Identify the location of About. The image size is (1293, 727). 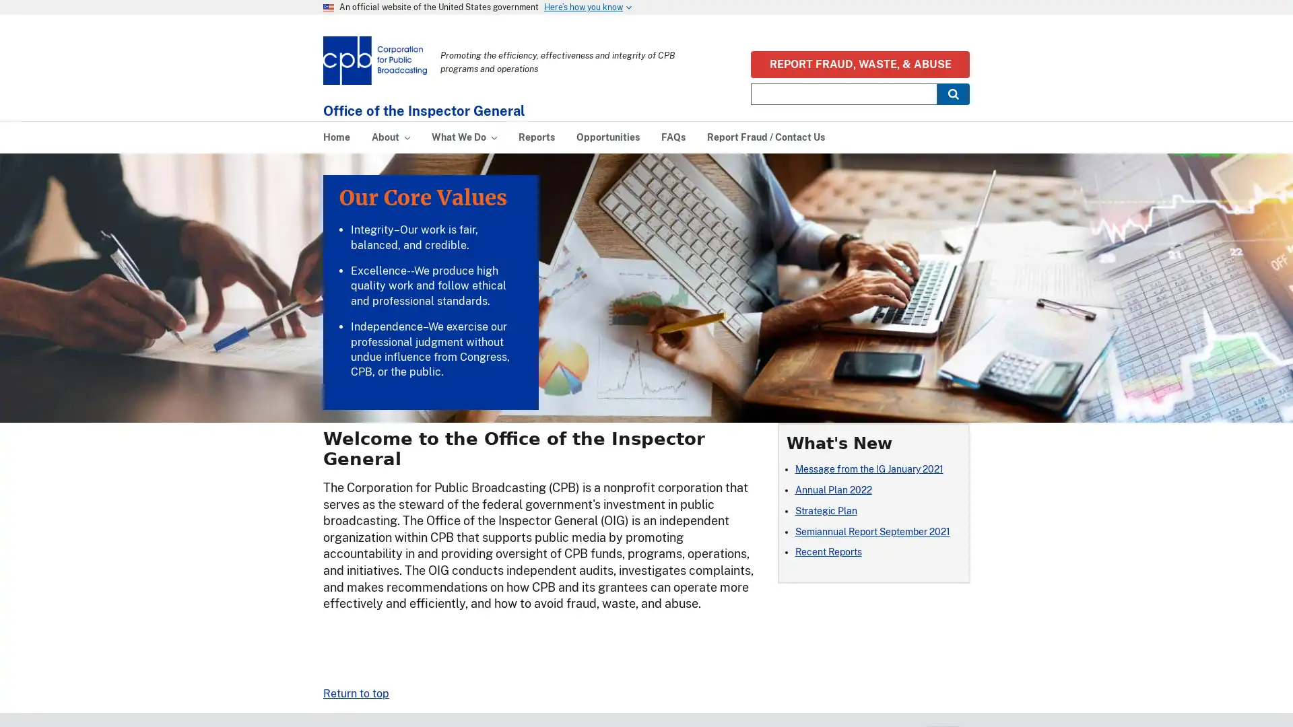
(390, 137).